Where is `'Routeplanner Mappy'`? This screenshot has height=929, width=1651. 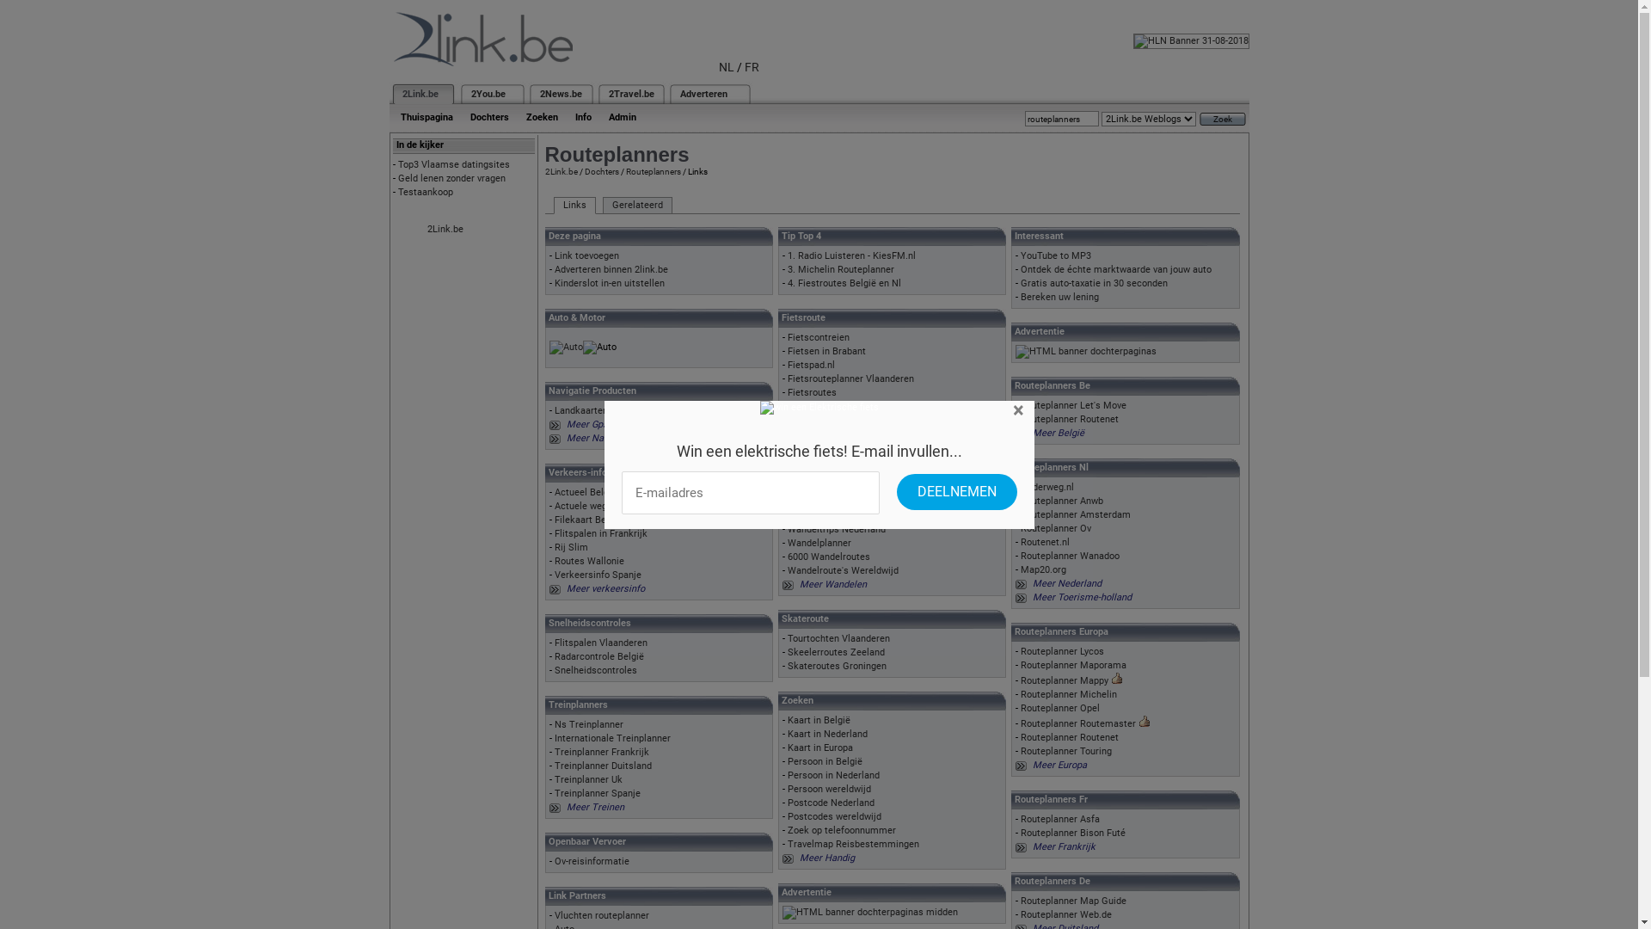
'Routeplanner Mappy' is located at coordinates (1064, 680).